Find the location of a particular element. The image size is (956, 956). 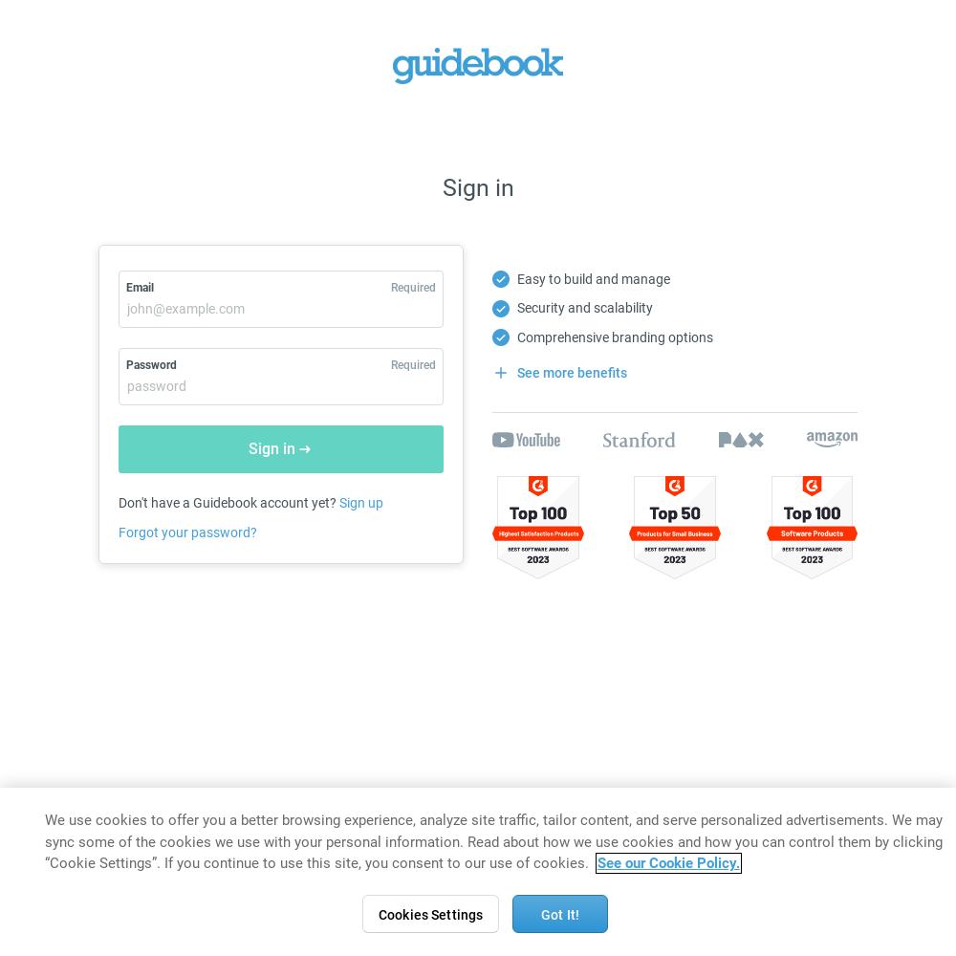

'Don't have a Guidebook account yet?' is located at coordinates (227, 502).